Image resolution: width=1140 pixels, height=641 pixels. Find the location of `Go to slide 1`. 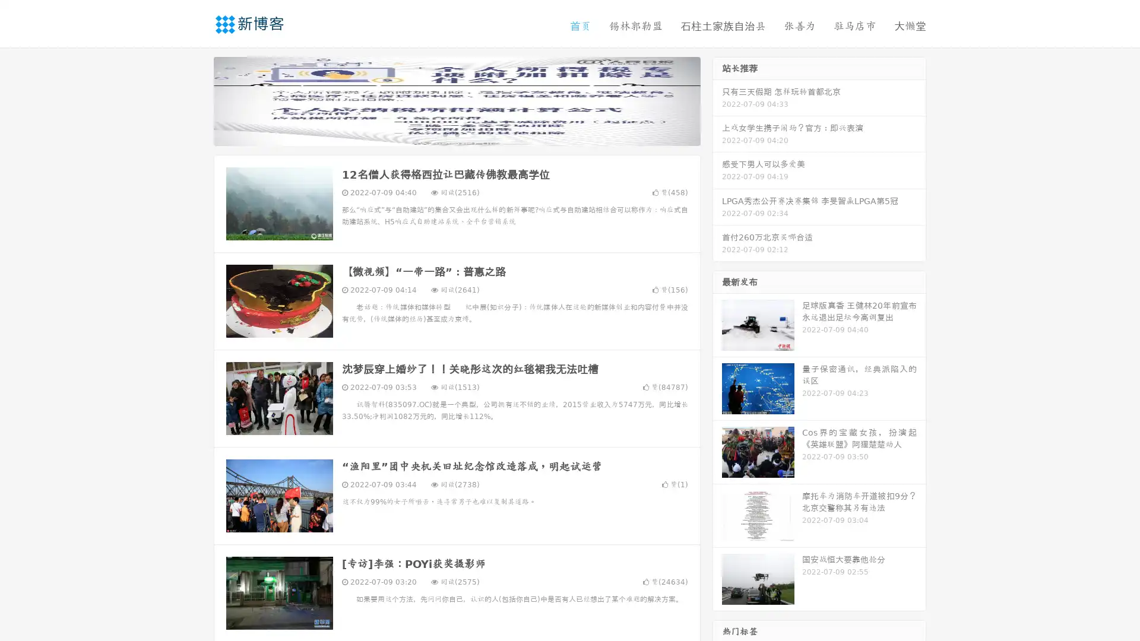

Go to slide 1 is located at coordinates (444, 134).